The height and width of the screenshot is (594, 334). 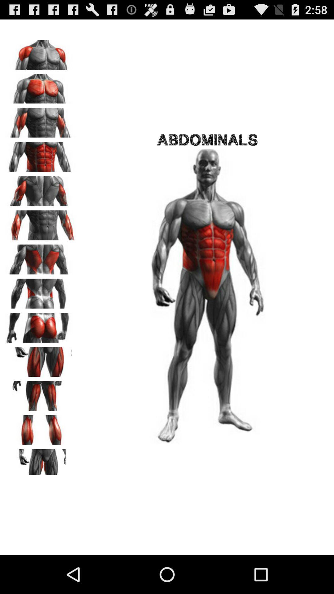 What do you see at coordinates (41, 86) in the screenshot?
I see `open chest workouts` at bounding box center [41, 86].